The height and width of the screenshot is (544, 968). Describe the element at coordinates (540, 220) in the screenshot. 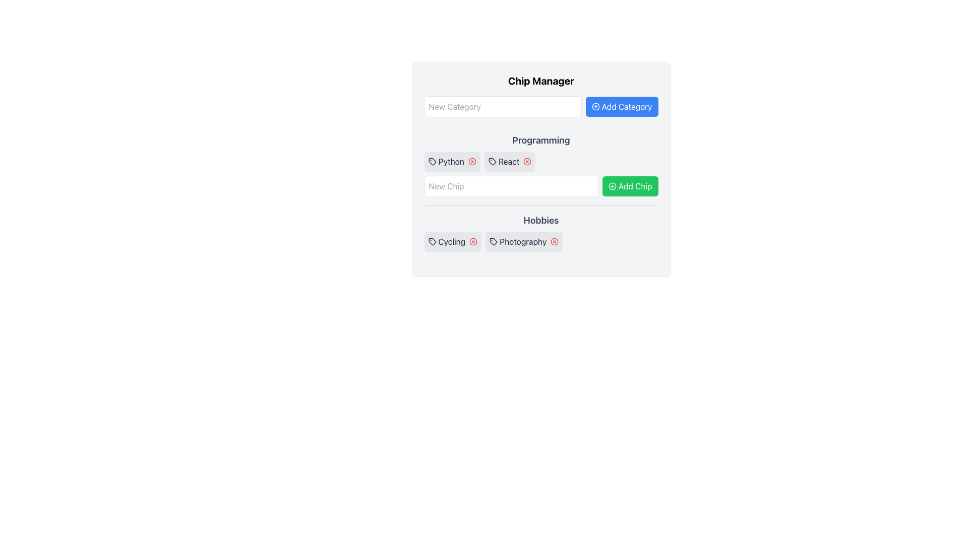

I see `the text label indicating the section header for hobbies, which is positioned above the chips labeled 'Cycling' and 'Photography.'` at that location.